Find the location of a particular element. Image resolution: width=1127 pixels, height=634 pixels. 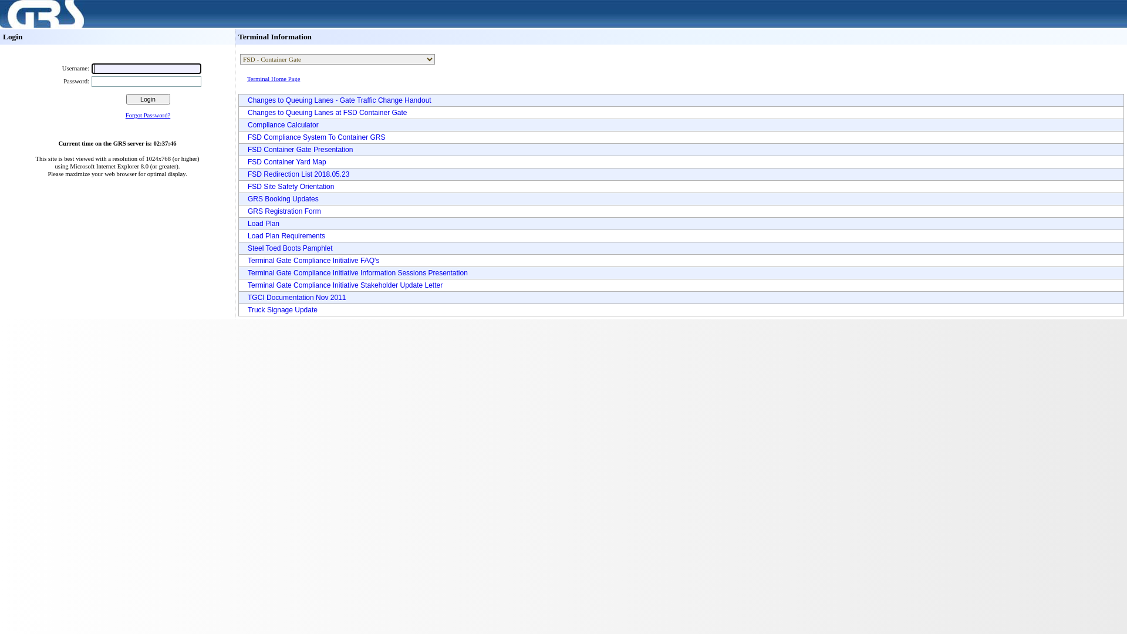

'Changes to Queuing Lanes - Gate Traffic Change Handout' is located at coordinates (336, 99).